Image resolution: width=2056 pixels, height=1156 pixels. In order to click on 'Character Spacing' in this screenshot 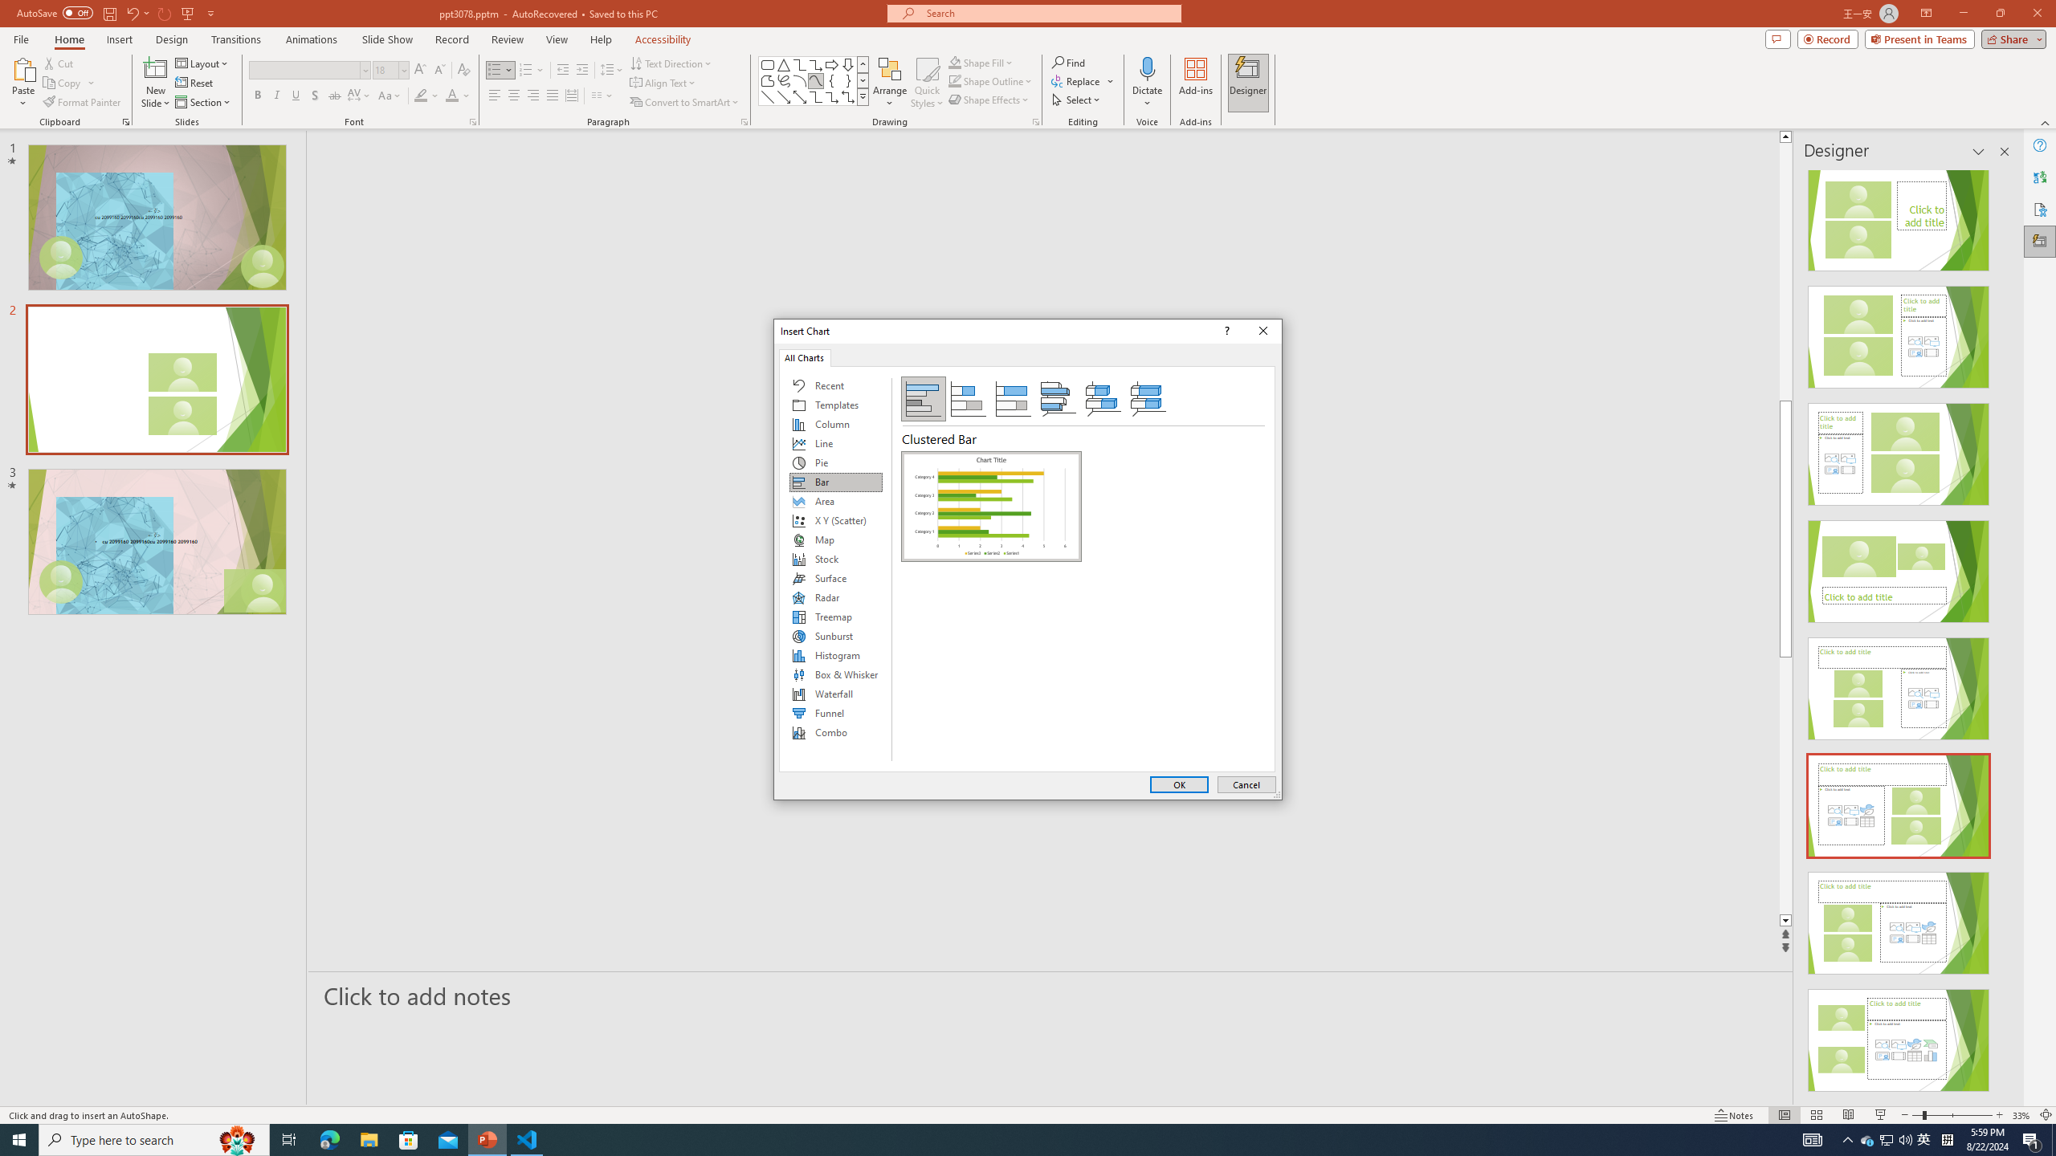, I will do `click(360, 95)`.